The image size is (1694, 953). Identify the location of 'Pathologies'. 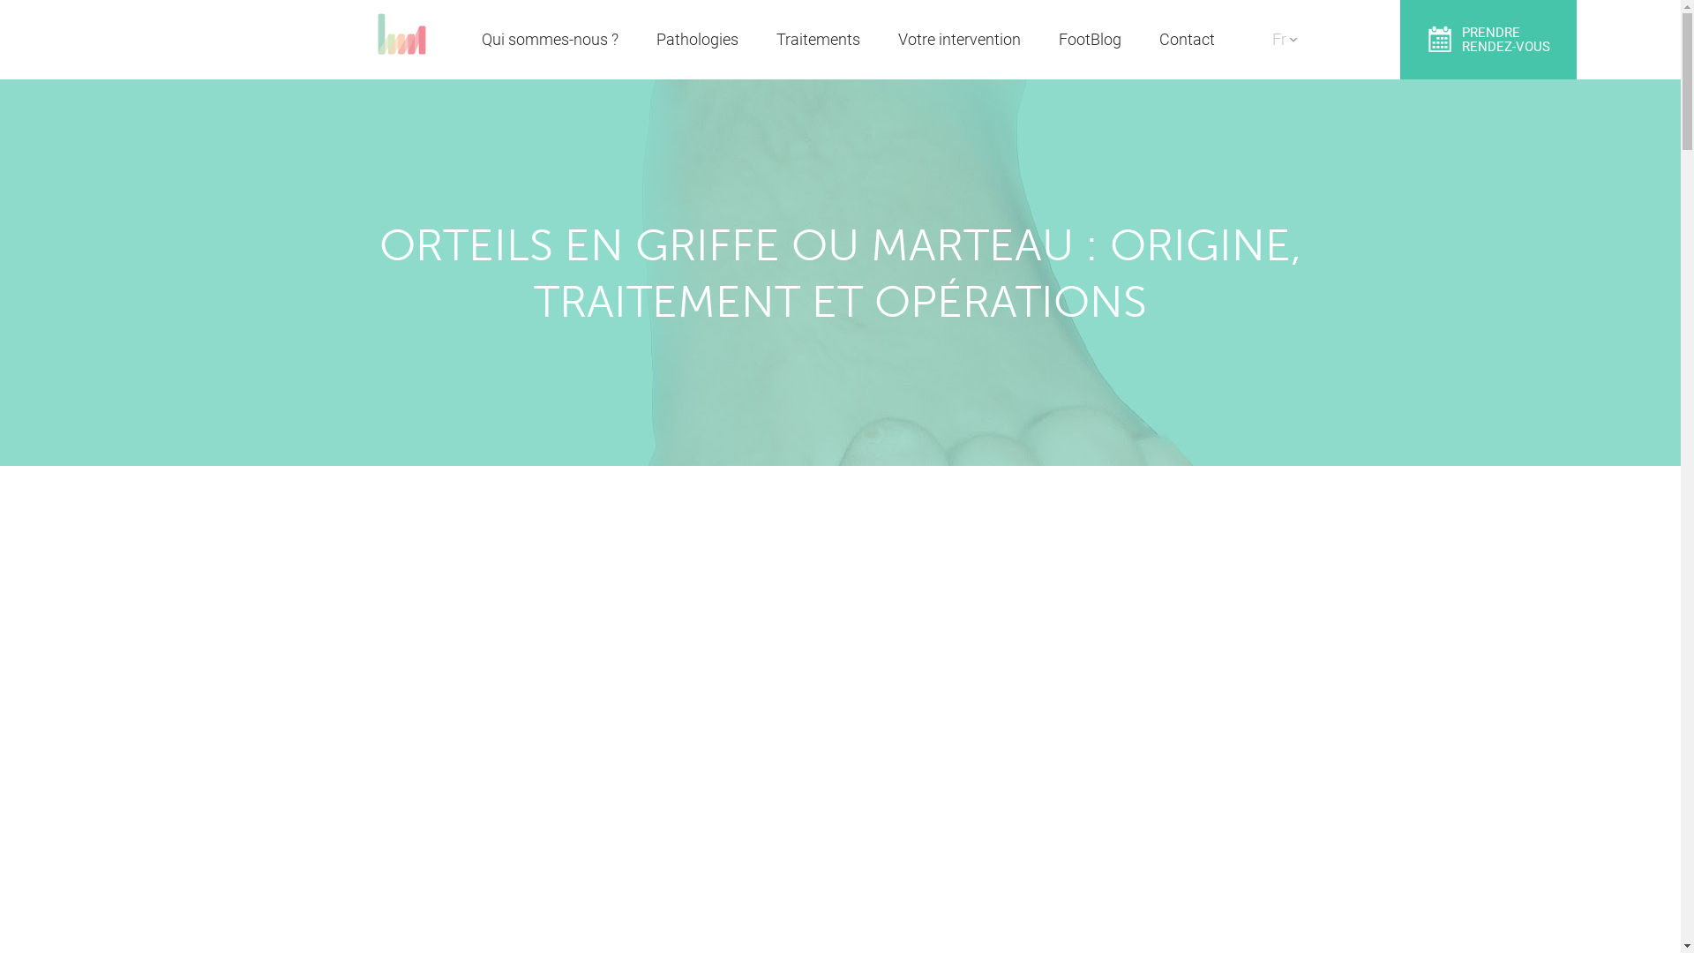
(696, 40).